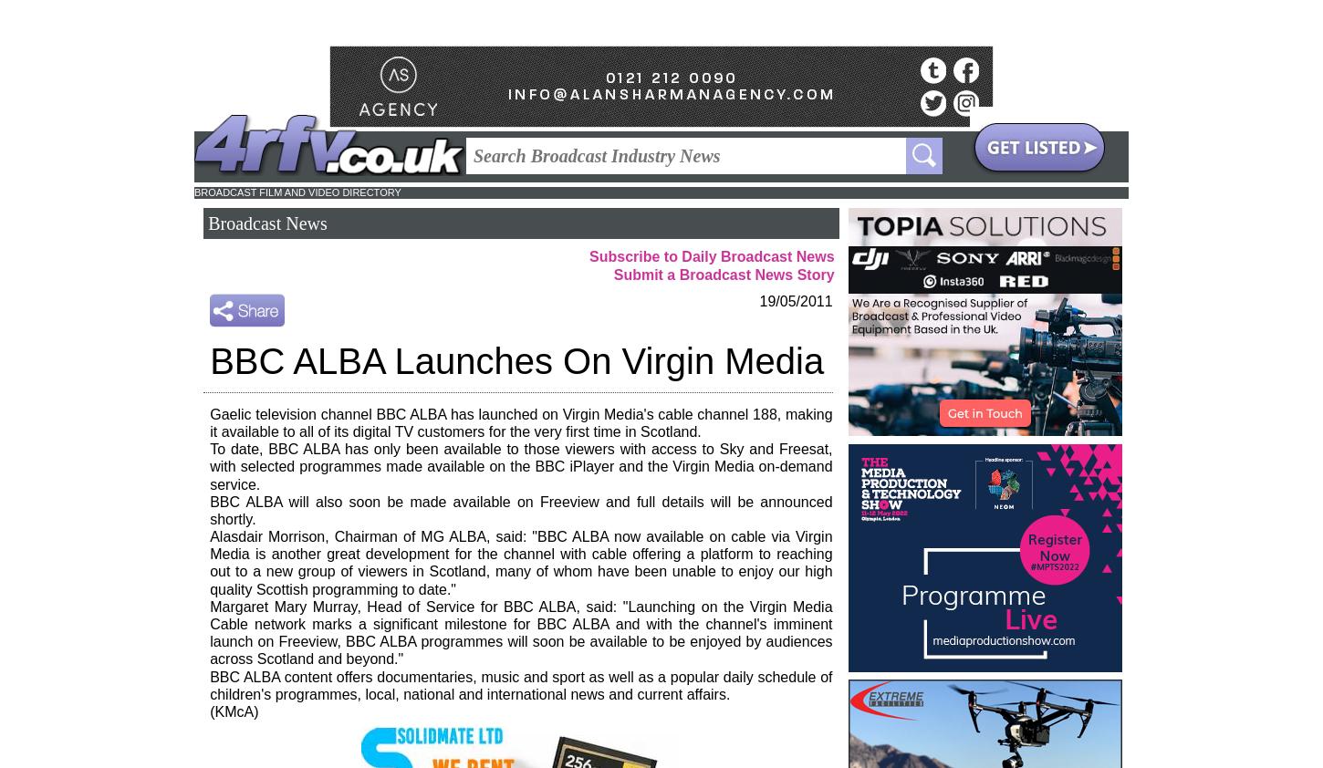  Describe the element at coordinates (521, 562) in the screenshot. I see `'Alasdair Morrison, Chairman of MG ALBA, said: "BBC ALBA now available on cable via Virgin Media is another great development for the channel with cable offering a platform to reaching out to a new group of viewers in Scotland, many of whom have been unable to enjoy our high quality Scottish programming to date."'` at that location.